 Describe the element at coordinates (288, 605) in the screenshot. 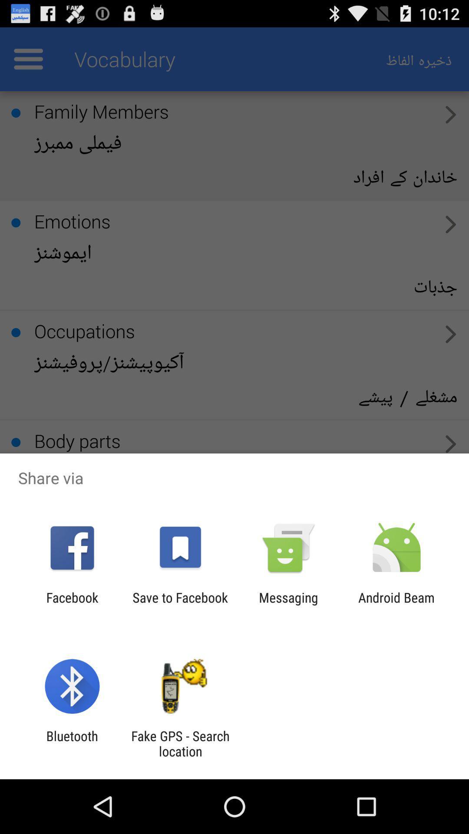

I see `messaging icon` at that location.